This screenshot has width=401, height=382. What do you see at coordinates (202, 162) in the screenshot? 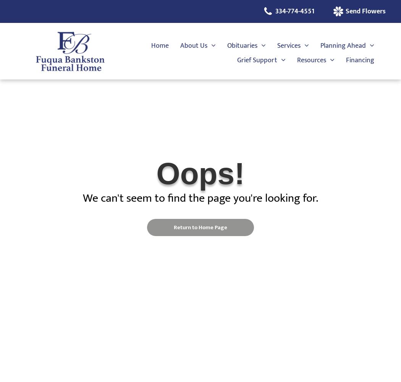
I see `'Testimonials'` at bounding box center [202, 162].